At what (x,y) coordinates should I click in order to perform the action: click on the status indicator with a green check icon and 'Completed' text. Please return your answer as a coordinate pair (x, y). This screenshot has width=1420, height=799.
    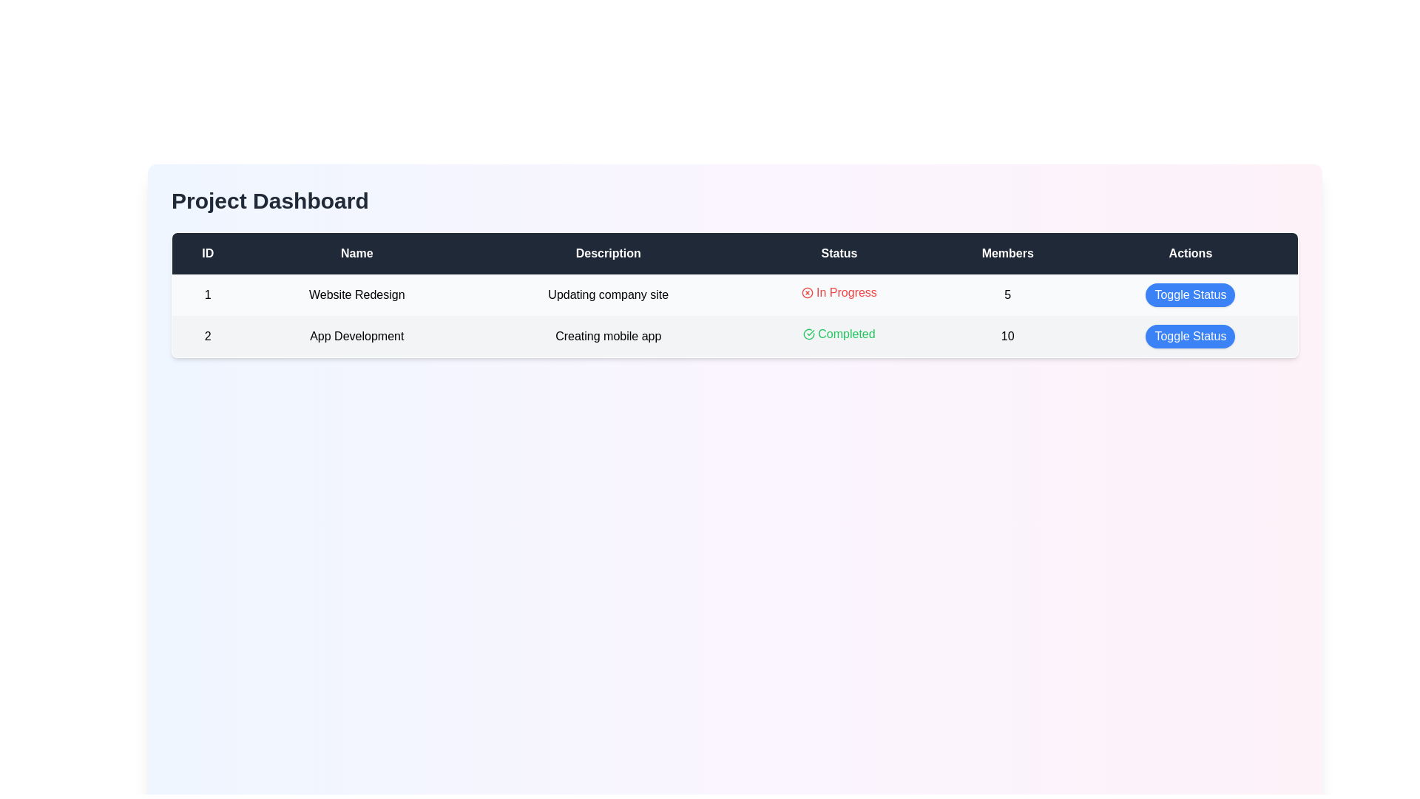
    Looking at the image, I should click on (839, 334).